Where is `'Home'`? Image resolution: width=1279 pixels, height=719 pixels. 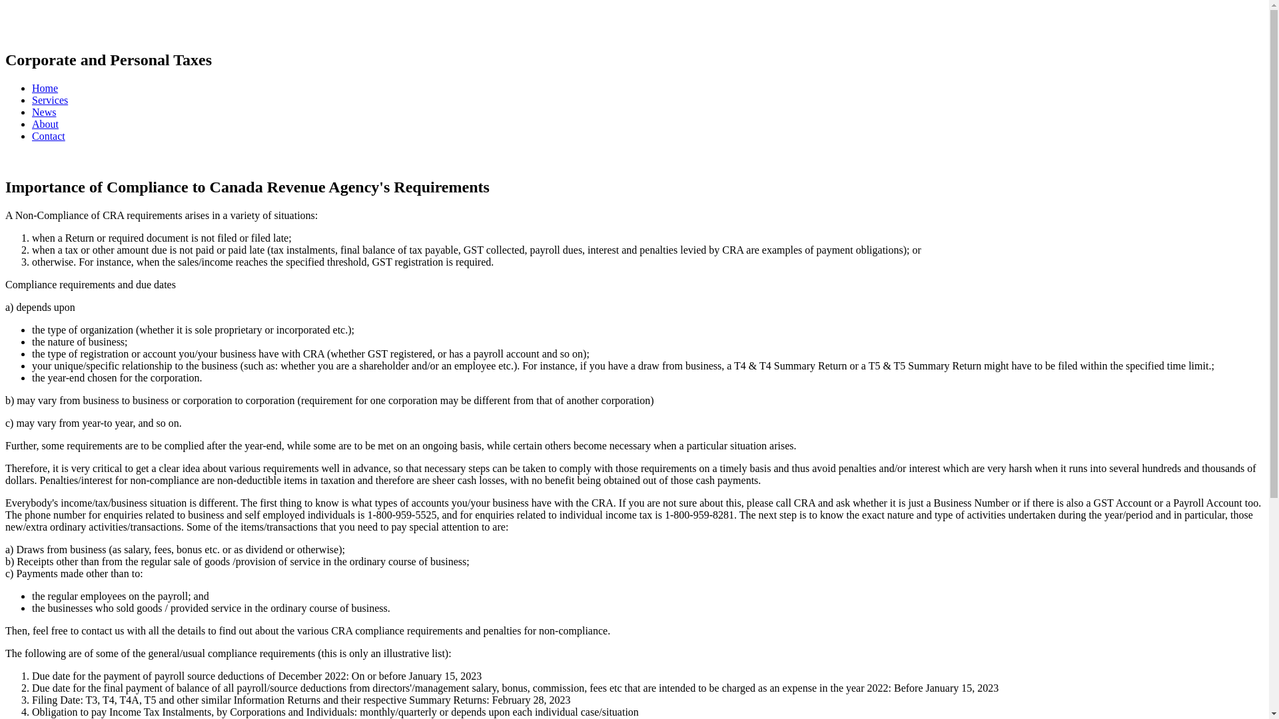 'Home' is located at coordinates (45, 88).